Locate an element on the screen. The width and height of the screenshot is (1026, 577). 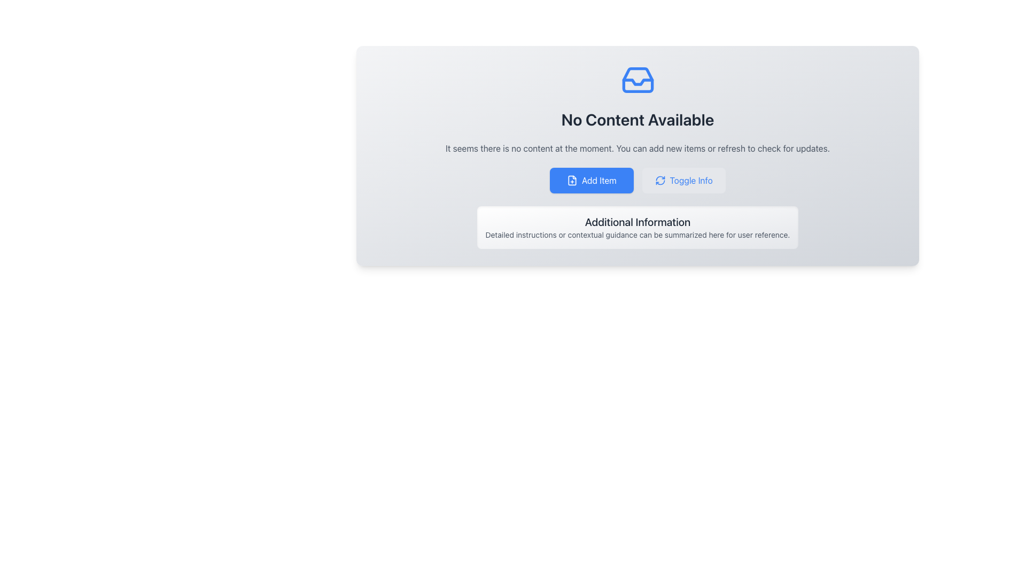
the 'Add Item' button is located at coordinates (591, 180).